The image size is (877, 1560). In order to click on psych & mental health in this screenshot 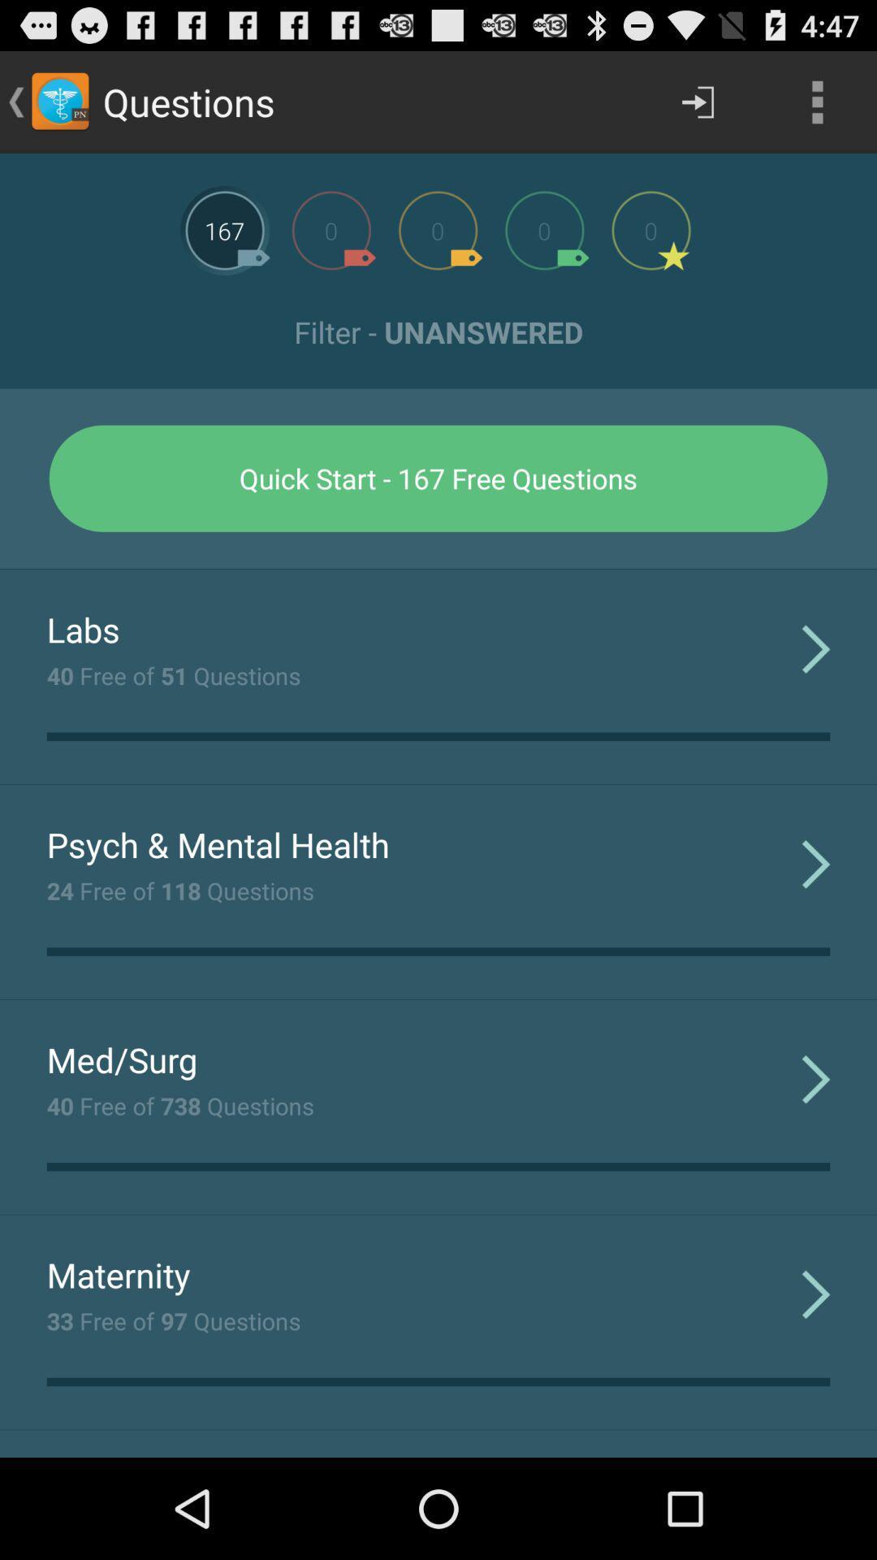, I will do `click(217, 844)`.